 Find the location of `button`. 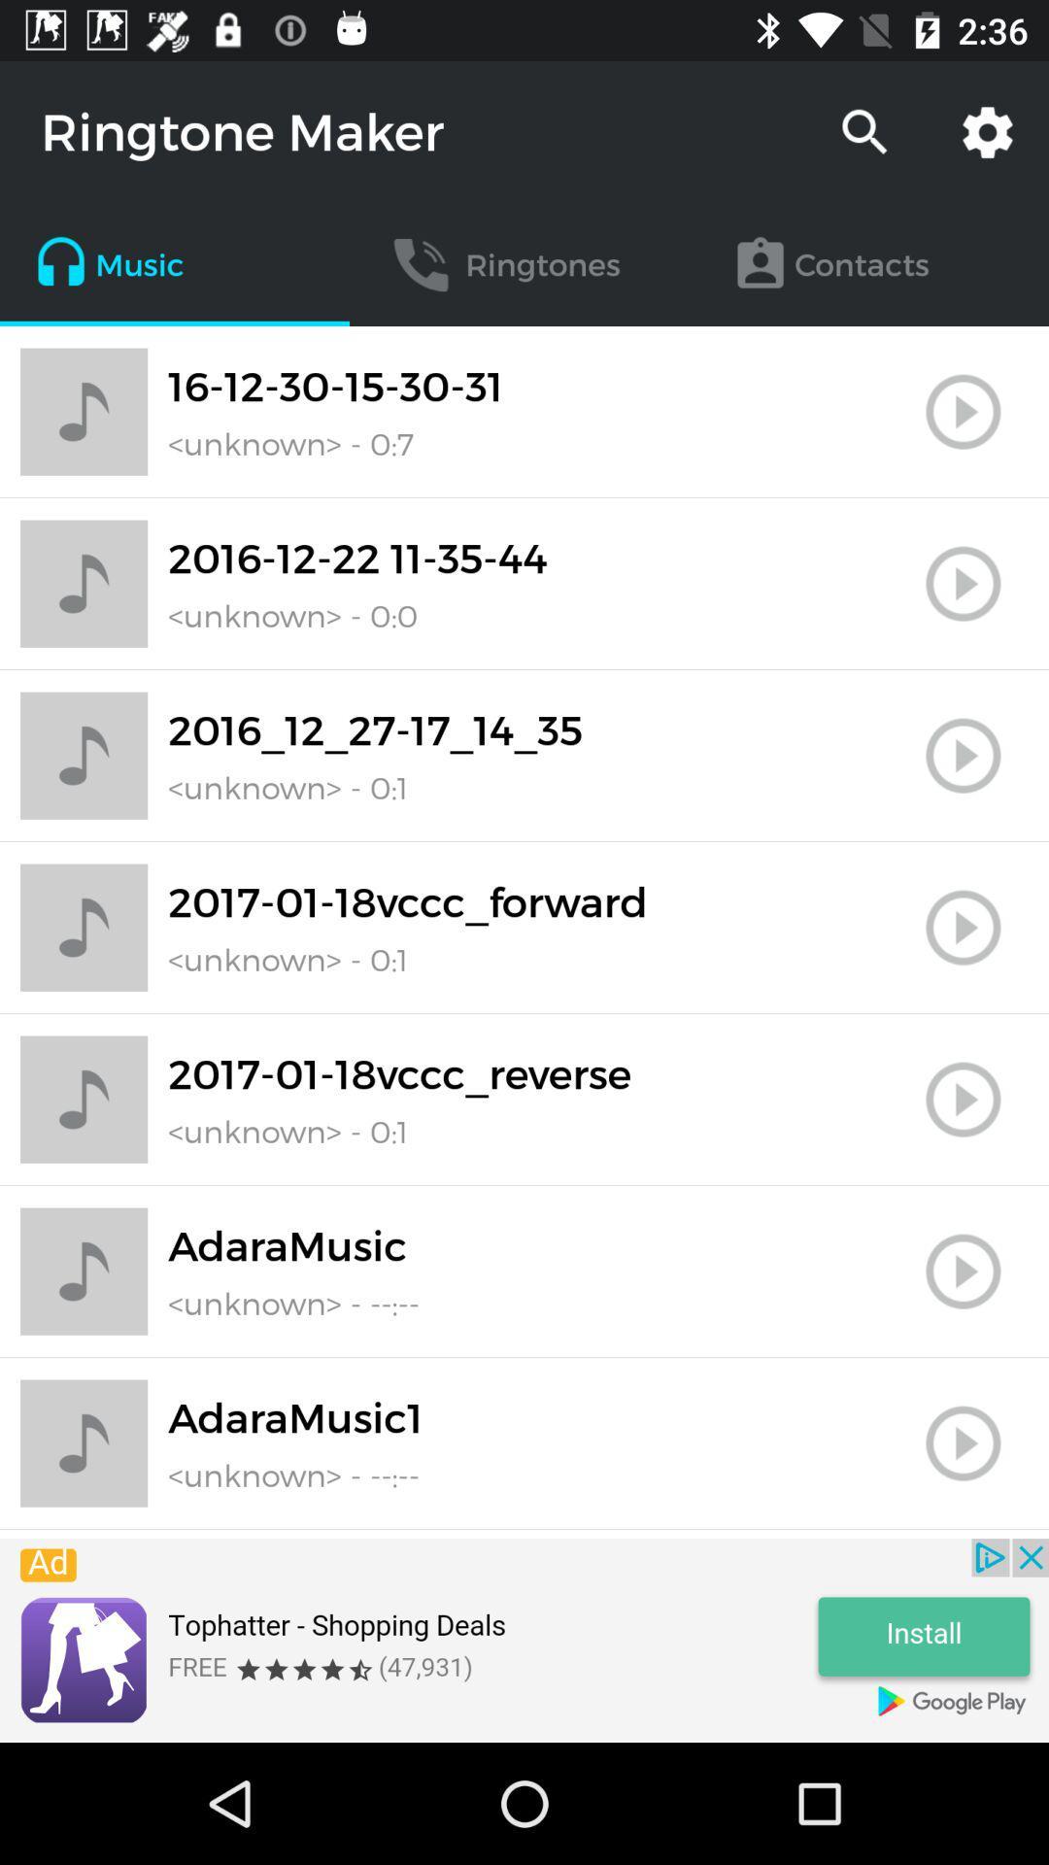

button is located at coordinates (963, 927).